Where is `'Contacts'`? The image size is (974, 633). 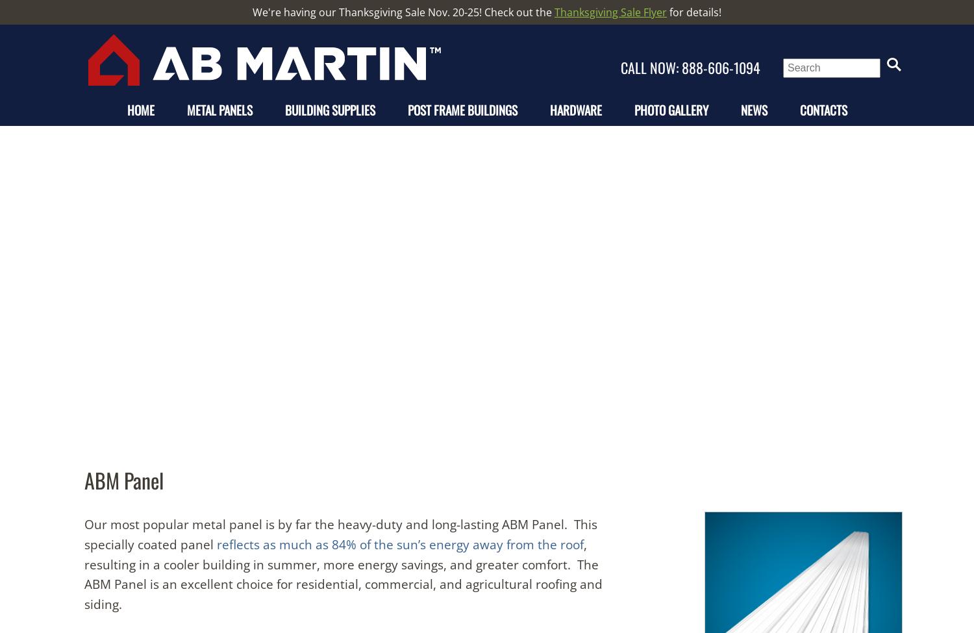 'Contacts' is located at coordinates (823, 109).